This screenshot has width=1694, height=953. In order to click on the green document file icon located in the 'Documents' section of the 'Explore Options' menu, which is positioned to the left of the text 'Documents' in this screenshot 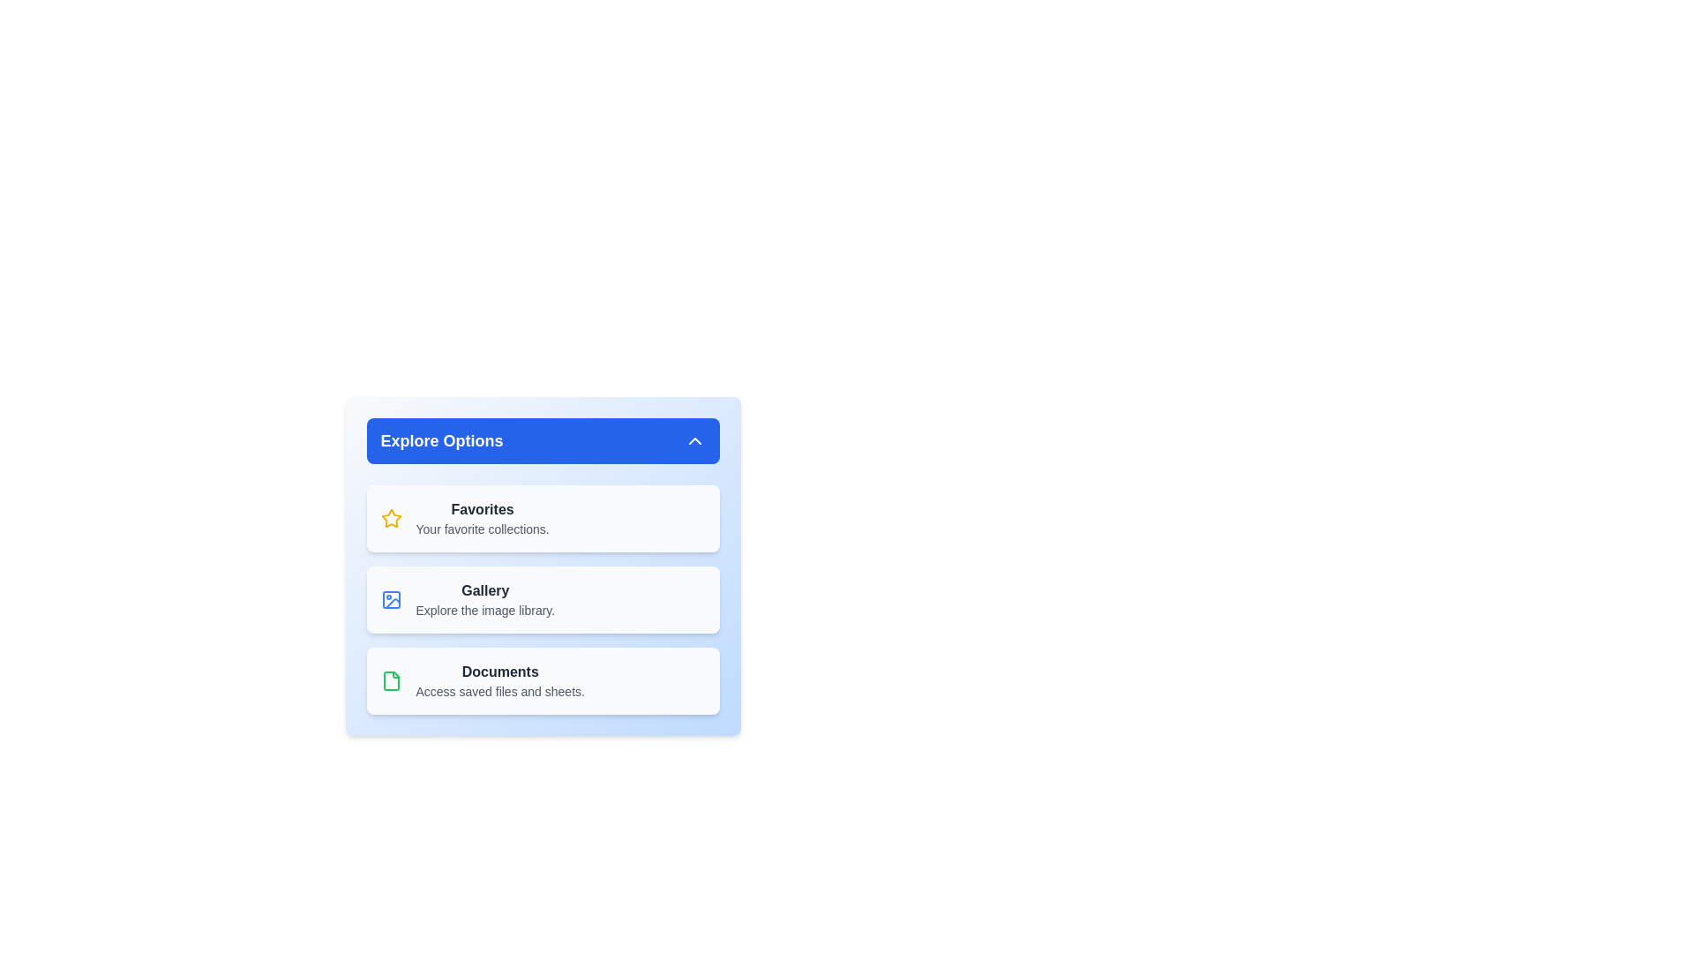, I will do `click(390, 679)`.